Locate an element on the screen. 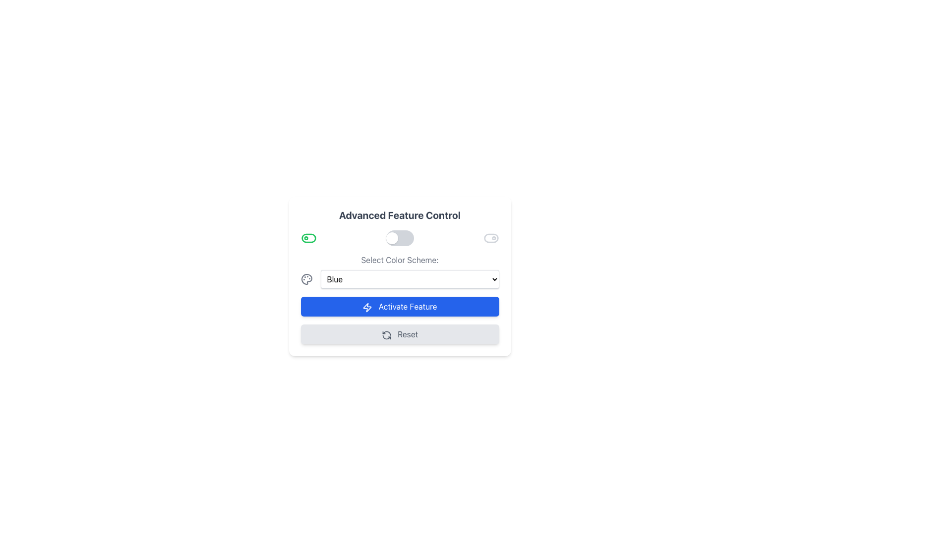 Image resolution: width=952 pixels, height=535 pixels. the 'off' state graphical element of the toggle switch located in the 'Advanced Feature Control' section is located at coordinates (308, 238).